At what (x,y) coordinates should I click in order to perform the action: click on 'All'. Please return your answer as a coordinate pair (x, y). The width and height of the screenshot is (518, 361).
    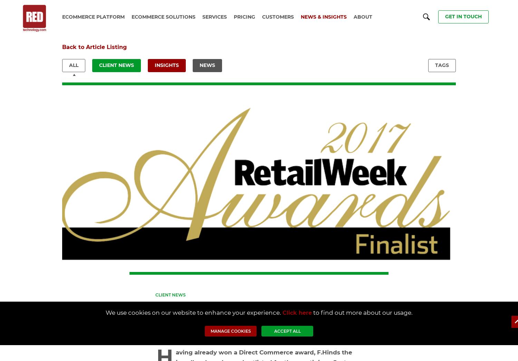
    Looking at the image, I should click on (73, 65).